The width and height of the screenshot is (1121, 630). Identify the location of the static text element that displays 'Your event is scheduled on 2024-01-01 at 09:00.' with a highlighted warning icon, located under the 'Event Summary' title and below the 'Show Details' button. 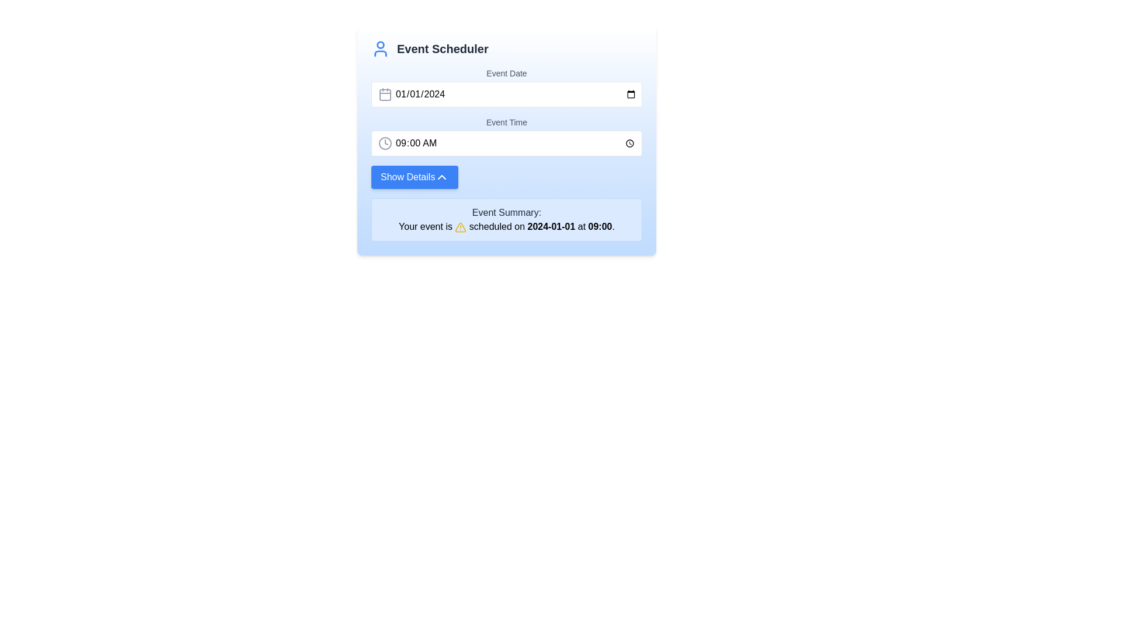
(507, 227).